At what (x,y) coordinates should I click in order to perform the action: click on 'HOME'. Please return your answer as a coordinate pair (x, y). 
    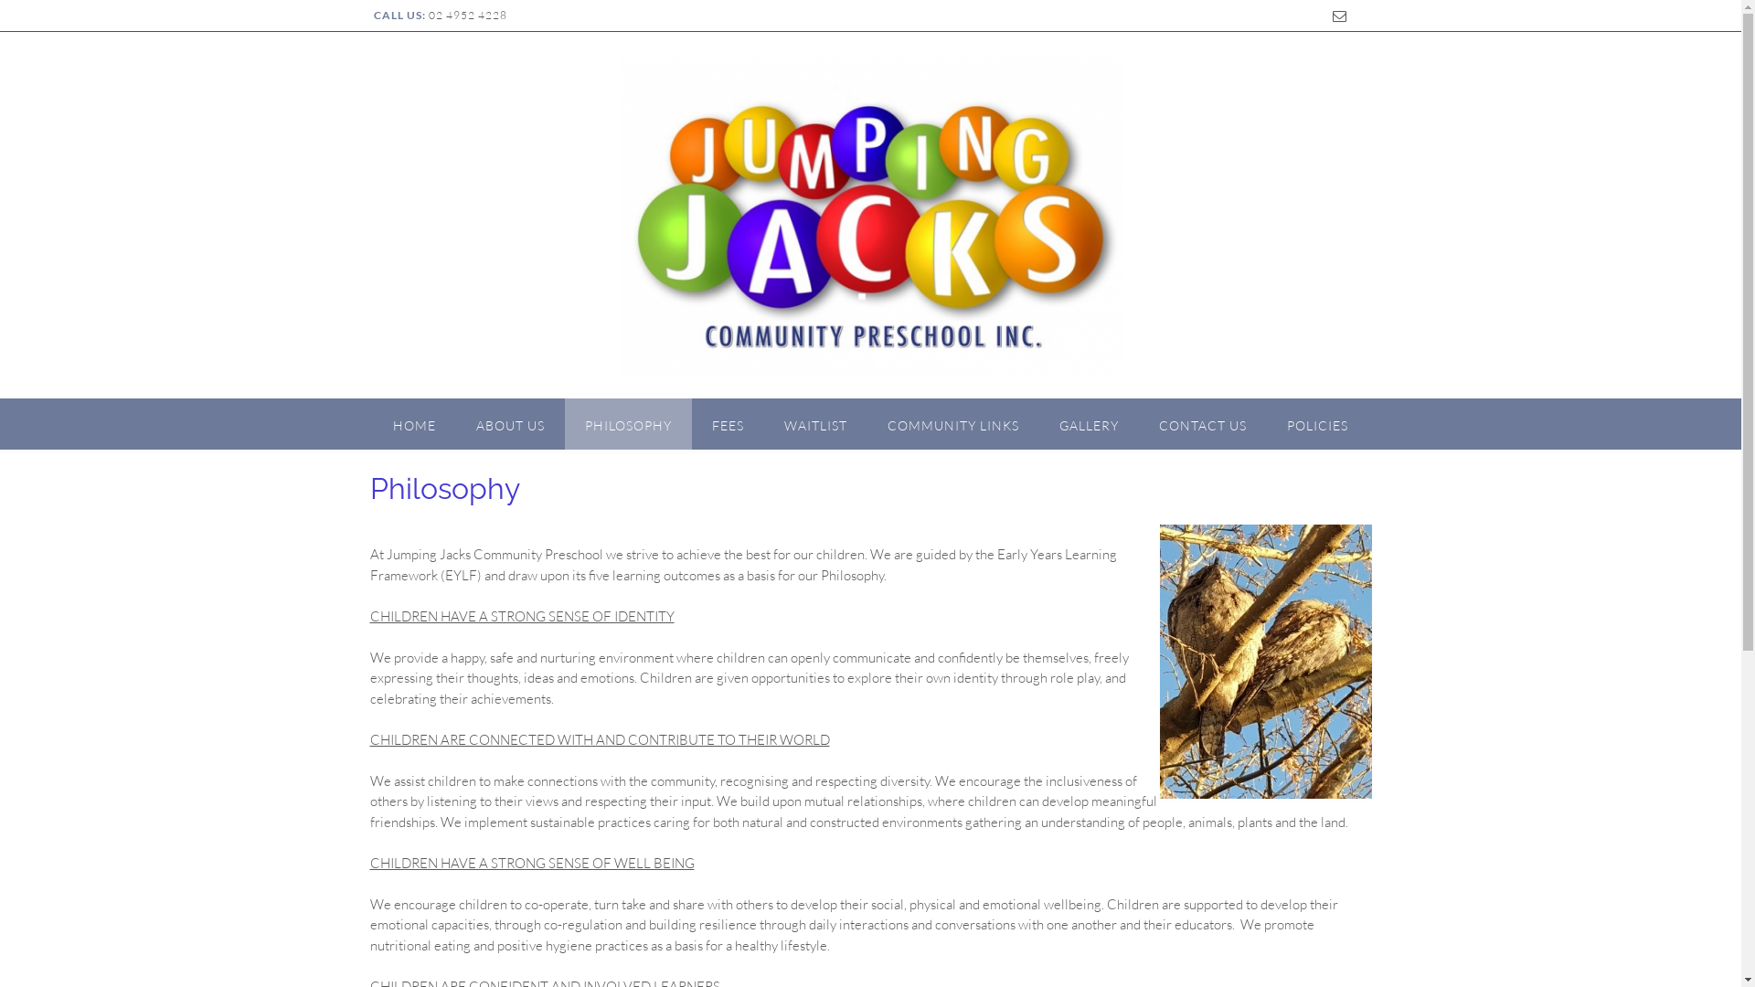
    Looking at the image, I should click on (413, 423).